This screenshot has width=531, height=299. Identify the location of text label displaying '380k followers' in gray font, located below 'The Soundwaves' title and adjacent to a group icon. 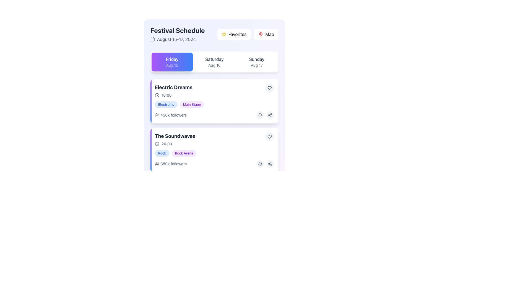
(173, 163).